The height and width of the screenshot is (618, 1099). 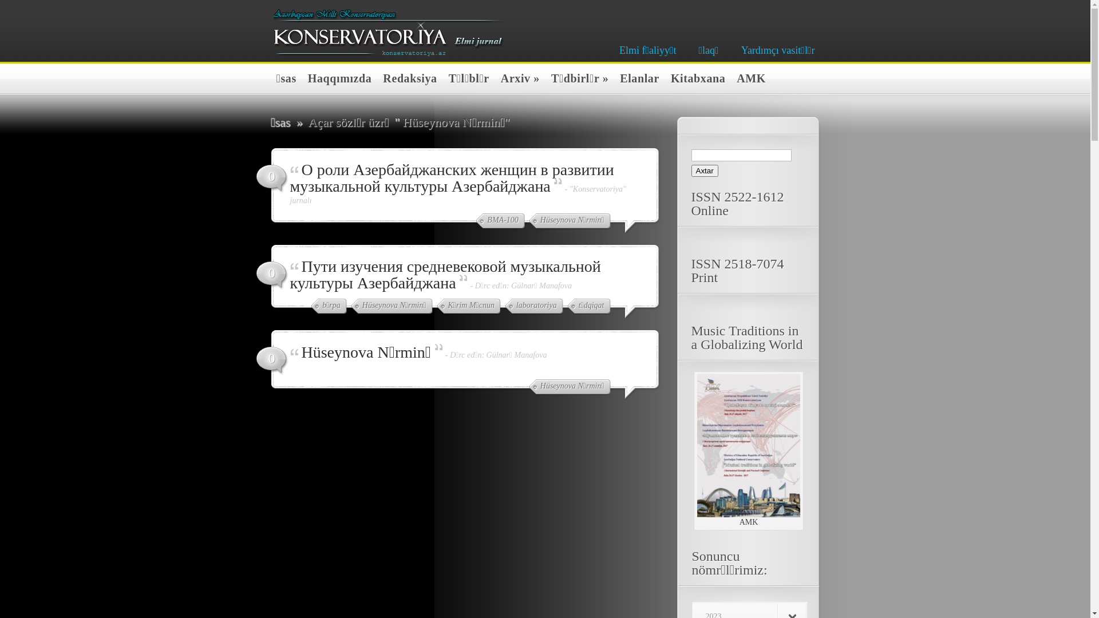 I want to click on 'laboratoriya', so click(x=533, y=306).